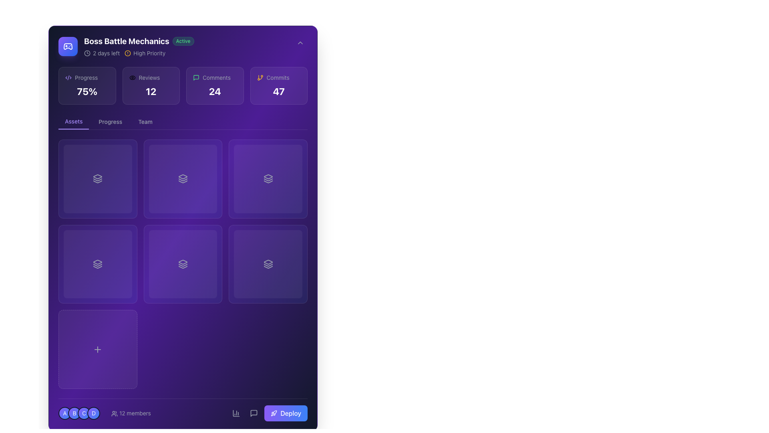  I want to click on the middle component of the three-layered icon in the second column and second row of a 3x3 grid layout, so click(182, 265).